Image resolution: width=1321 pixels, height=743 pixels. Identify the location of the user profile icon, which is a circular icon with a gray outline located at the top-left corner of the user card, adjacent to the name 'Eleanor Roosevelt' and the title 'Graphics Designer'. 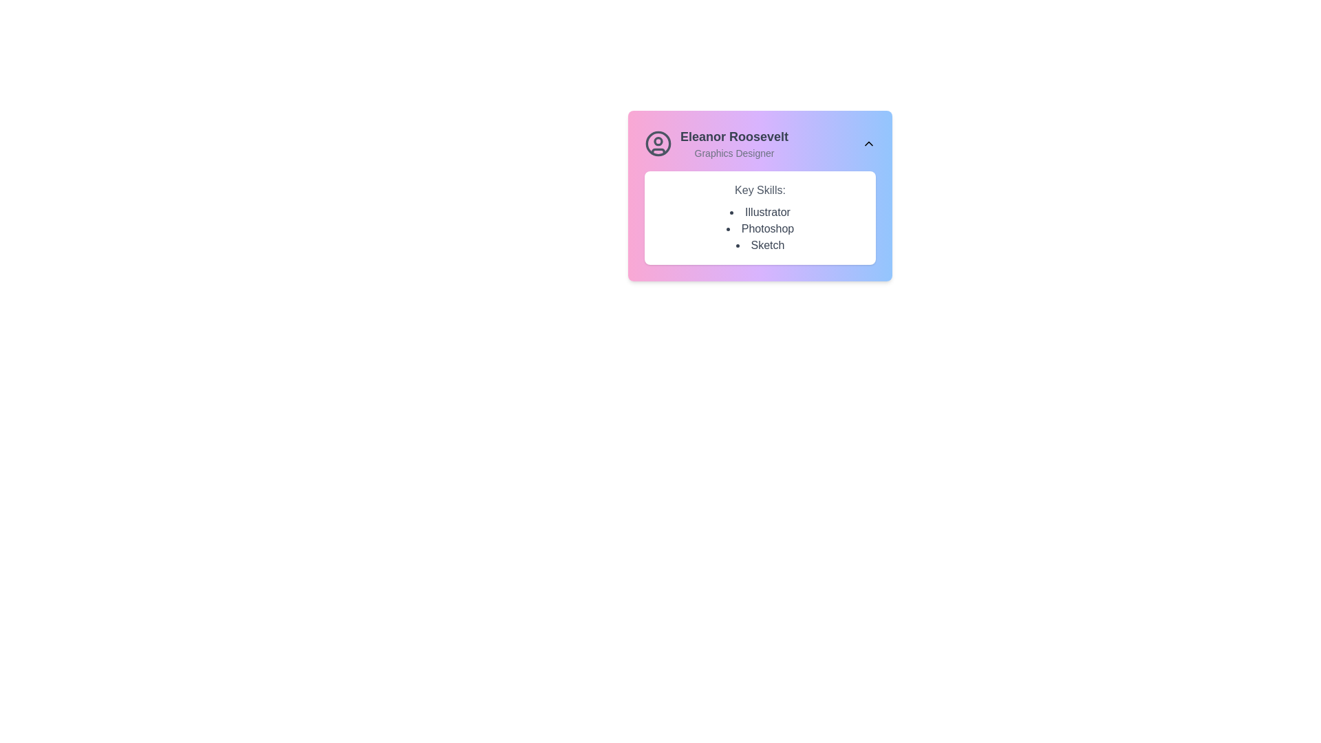
(657, 143).